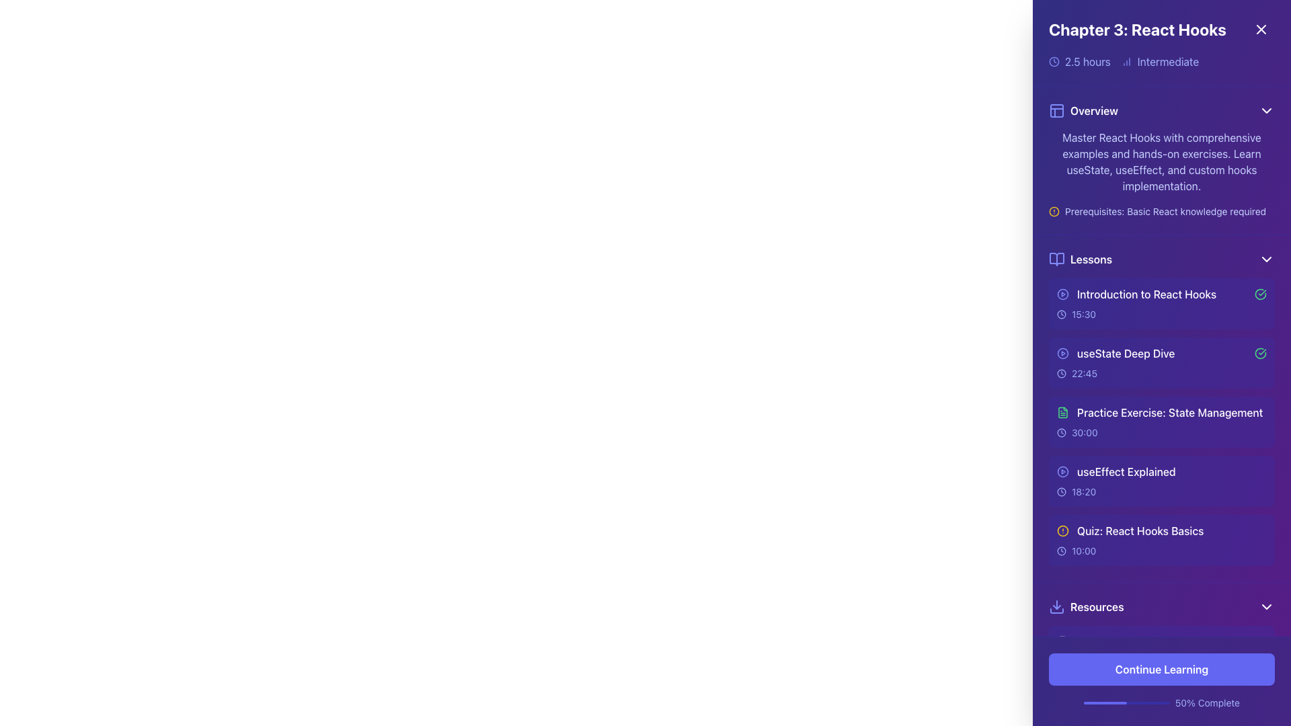 This screenshot has width=1291, height=726. Describe the element at coordinates (1083, 110) in the screenshot. I see `the text with icon combination located below the header 'Chapter 3: React Hooks'` at that location.